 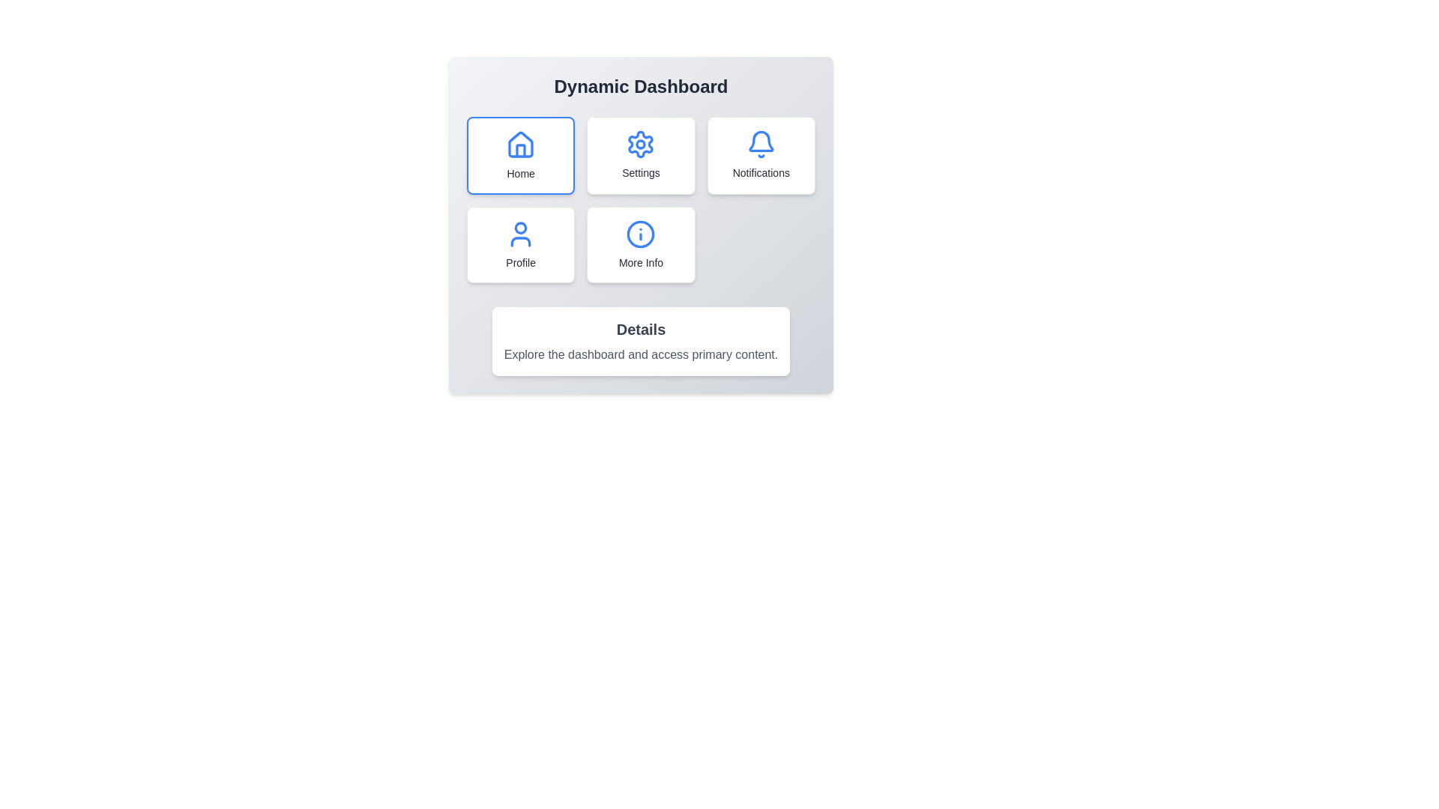 I want to click on the 'Settings' button located in the second card of the top row on the dashboard, so click(x=641, y=156).